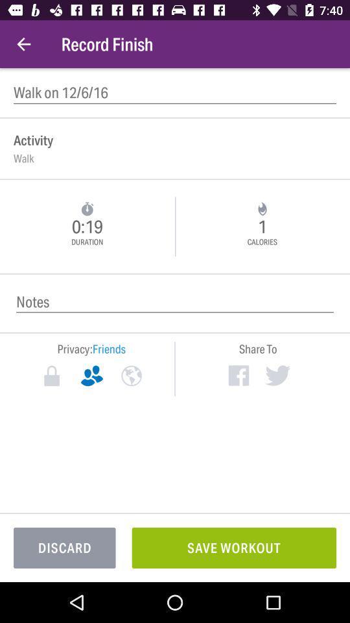  I want to click on the globe icon, so click(131, 376).